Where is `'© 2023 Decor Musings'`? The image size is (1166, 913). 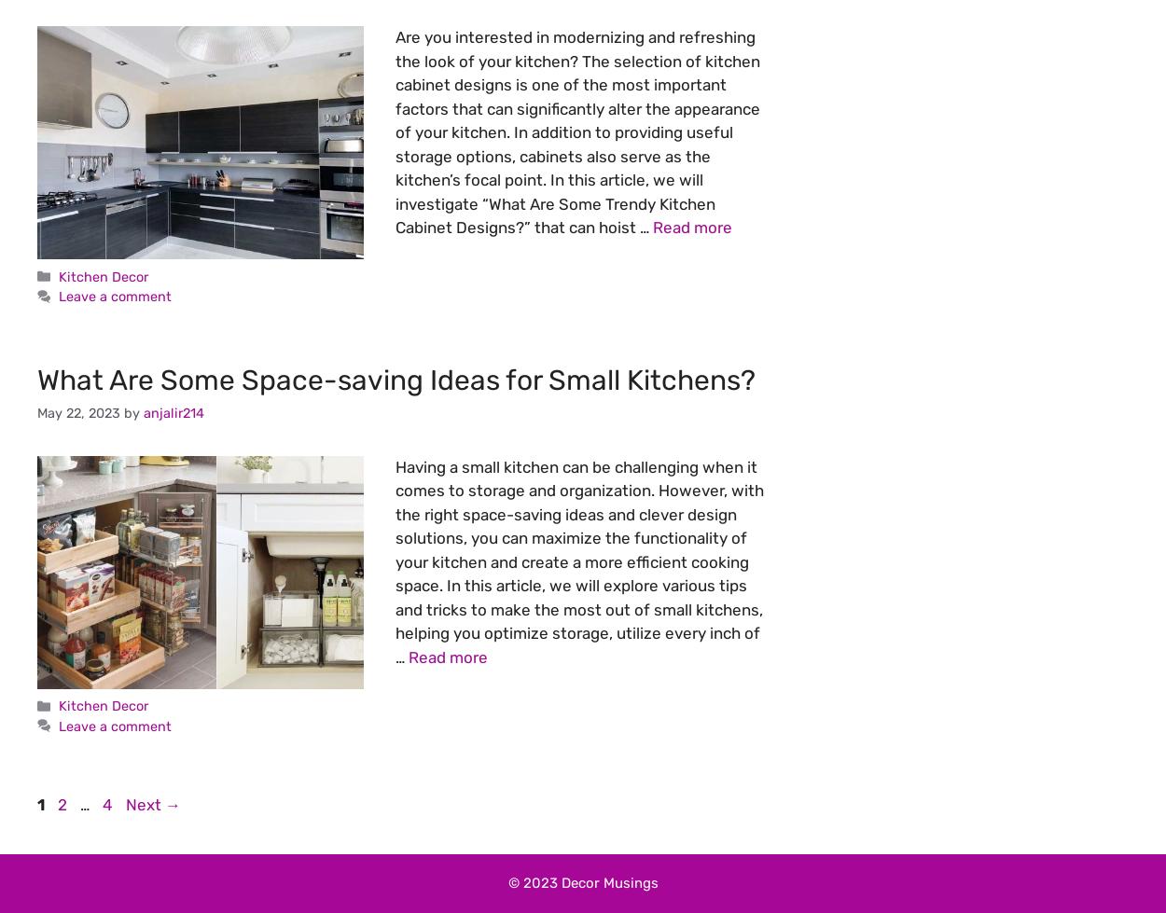 '© 2023 Decor Musings' is located at coordinates (507, 881).